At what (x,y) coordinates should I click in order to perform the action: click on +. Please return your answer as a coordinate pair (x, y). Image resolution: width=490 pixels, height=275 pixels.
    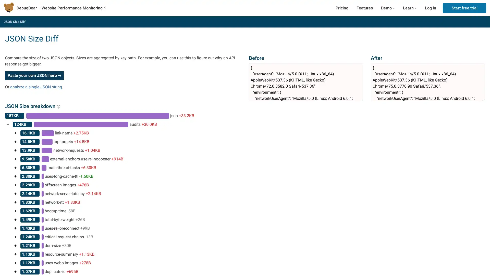
    Looking at the image, I should click on (15, 254).